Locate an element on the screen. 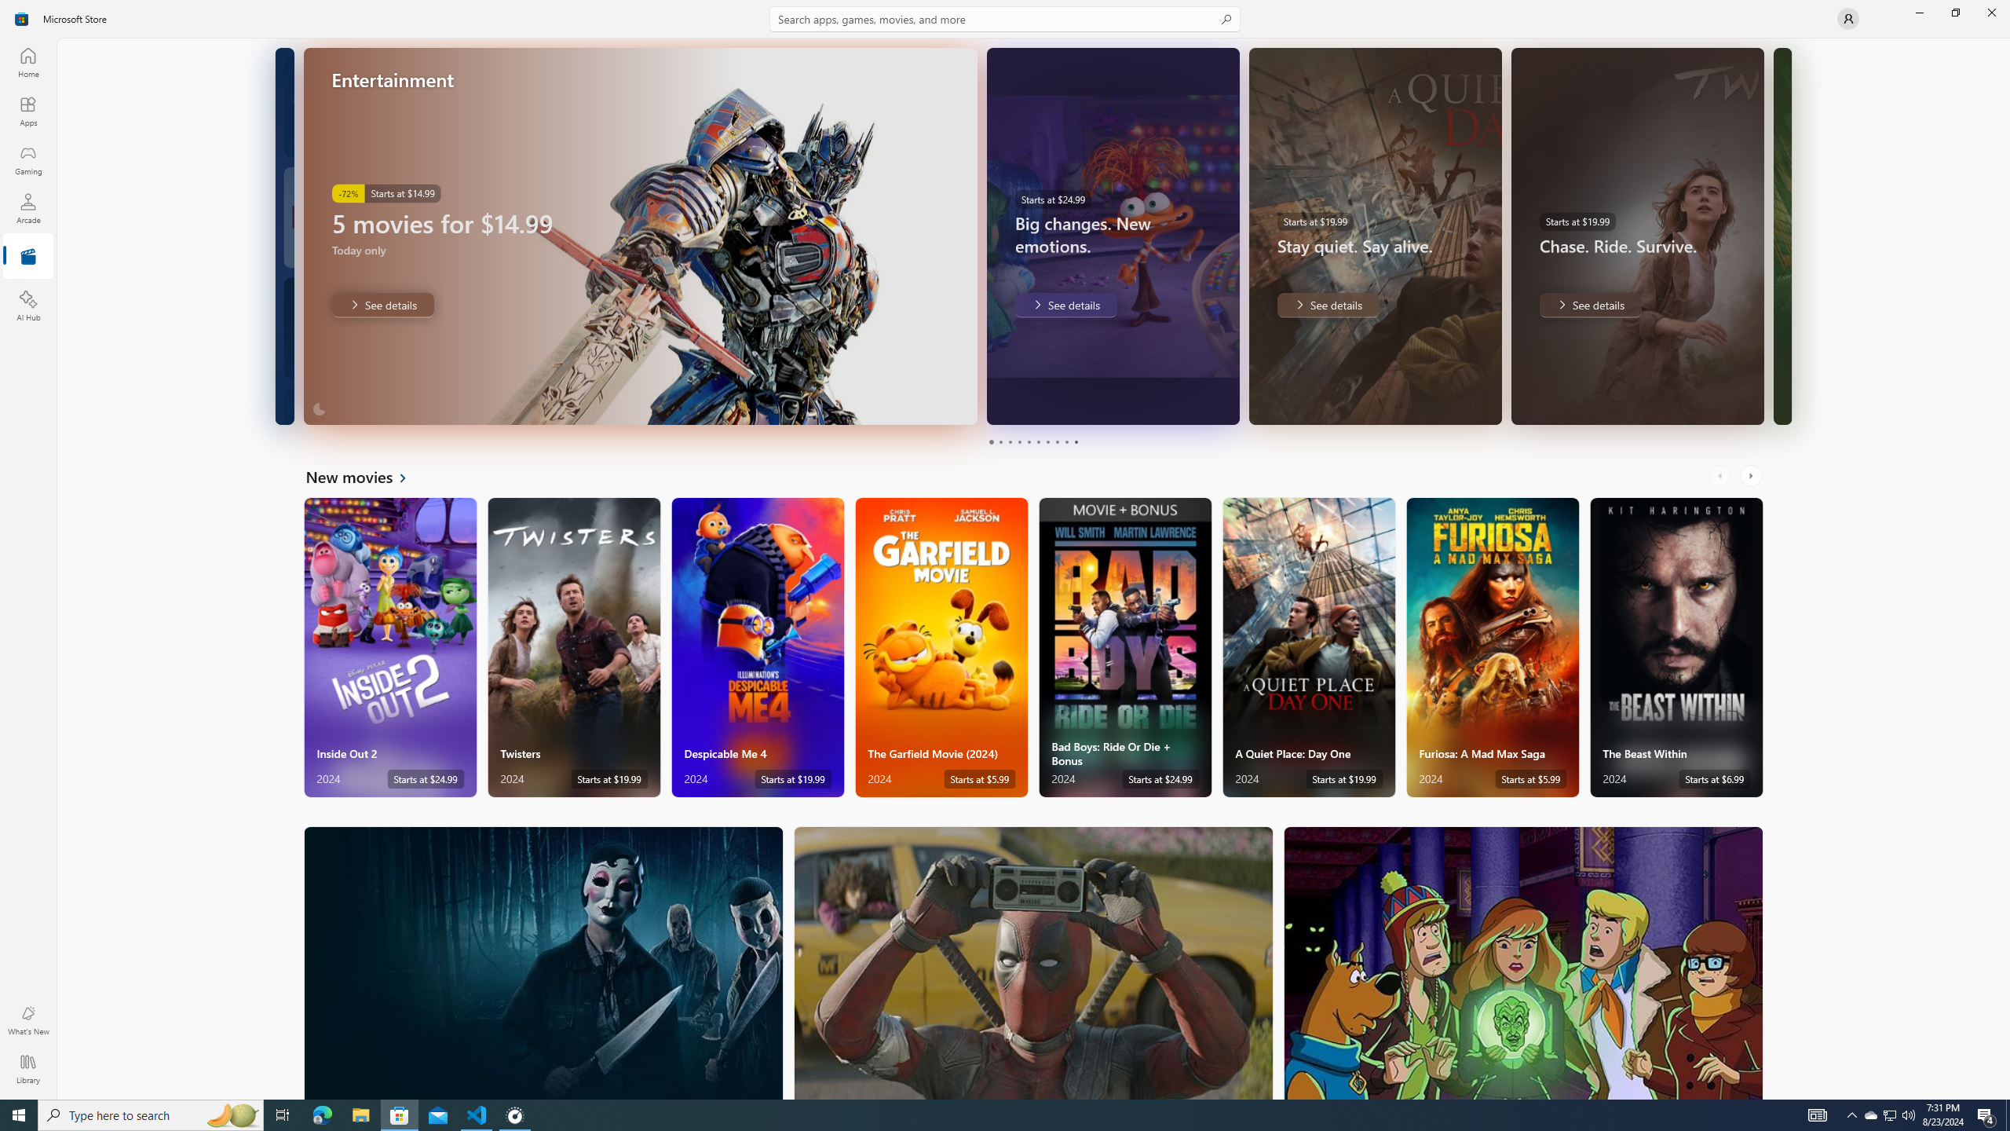  'Apps' is located at coordinates (27, 111).